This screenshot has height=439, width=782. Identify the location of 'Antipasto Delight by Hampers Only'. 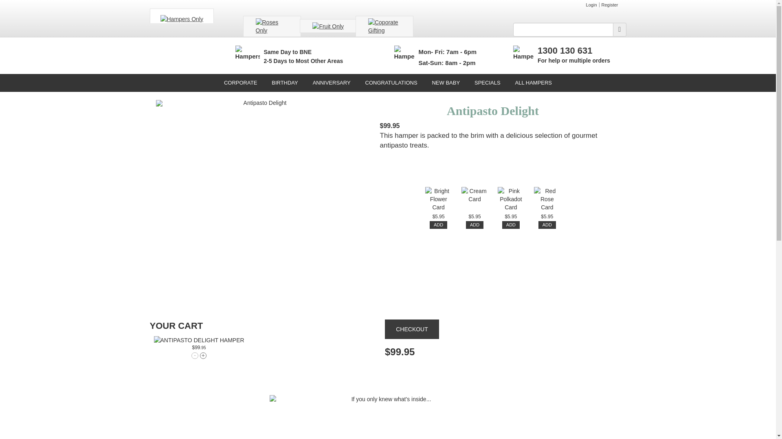
(199, 340).